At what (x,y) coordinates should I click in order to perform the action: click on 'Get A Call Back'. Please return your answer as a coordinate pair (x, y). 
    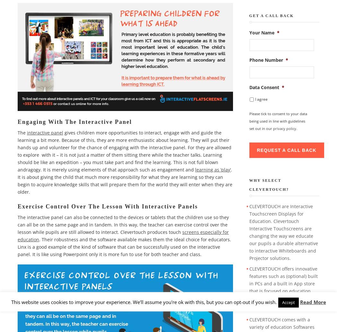
    Looking at the image, I should click on (271, 16).